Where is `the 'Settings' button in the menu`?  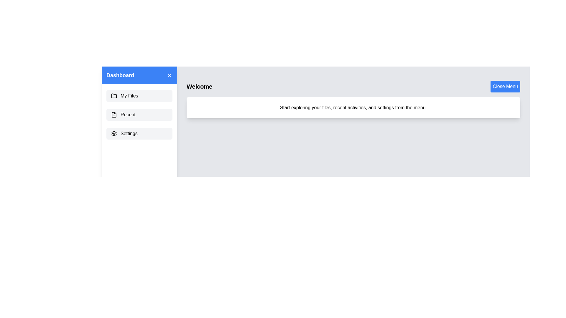 the 'Settings' button in the menu is located at coordinates (139, 134).